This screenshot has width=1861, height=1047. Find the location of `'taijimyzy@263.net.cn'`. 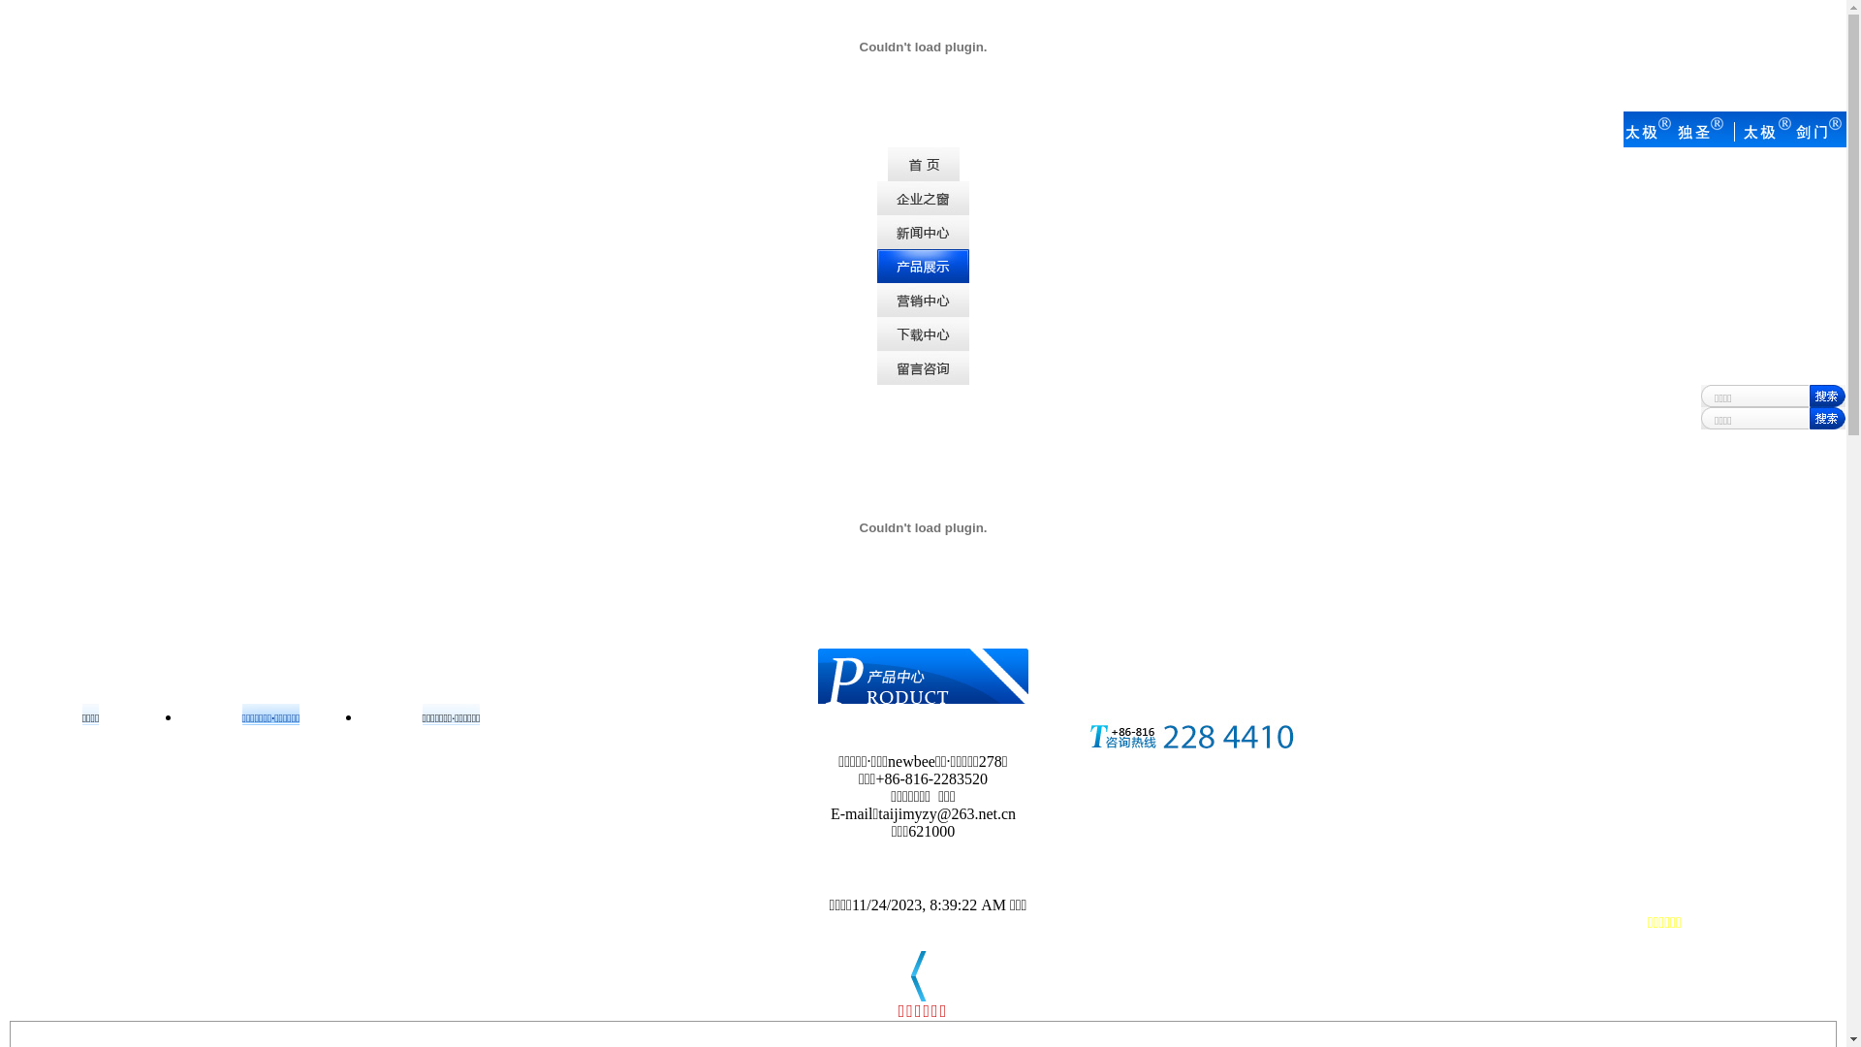

'taijimyzy@263.net.cn' is located at coordinates (947, 813).